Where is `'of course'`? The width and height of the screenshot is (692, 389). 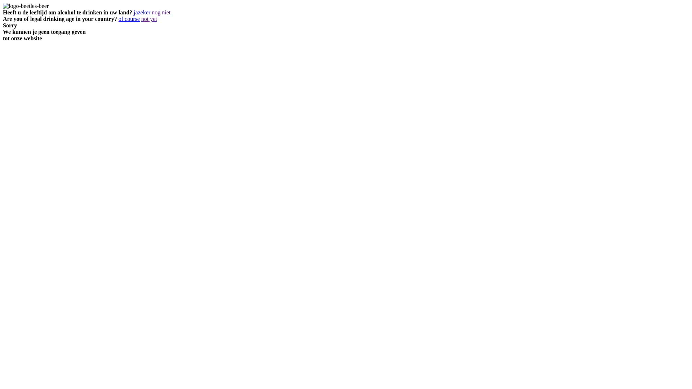
'of course' is located at coordinates (129, 18).